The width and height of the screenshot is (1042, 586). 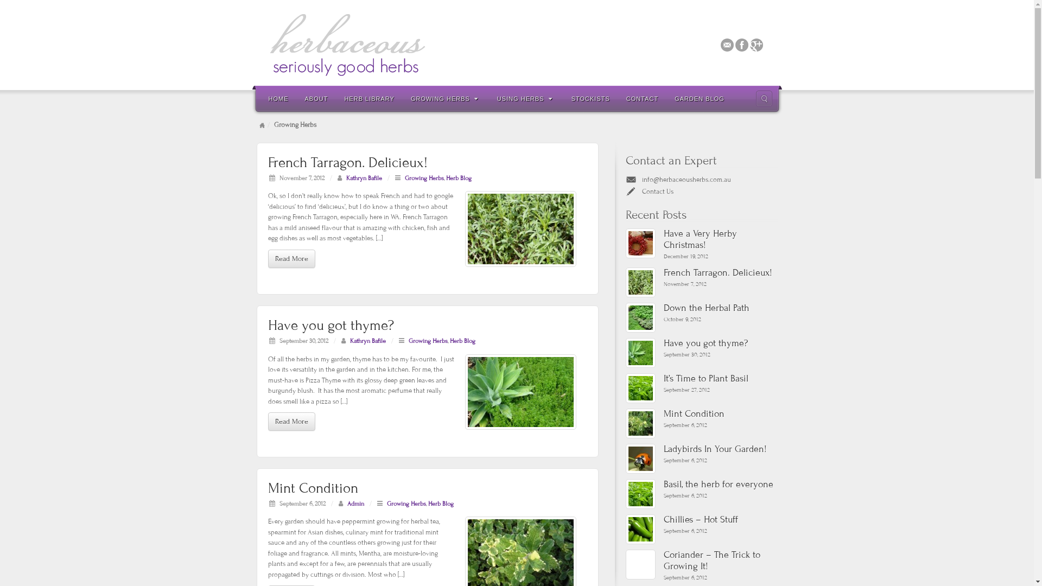 What do you see at coordinates (640, 494) in the screenshot?
I see `'Basil, the herb for everyone'` at bounding box center [640, 494].